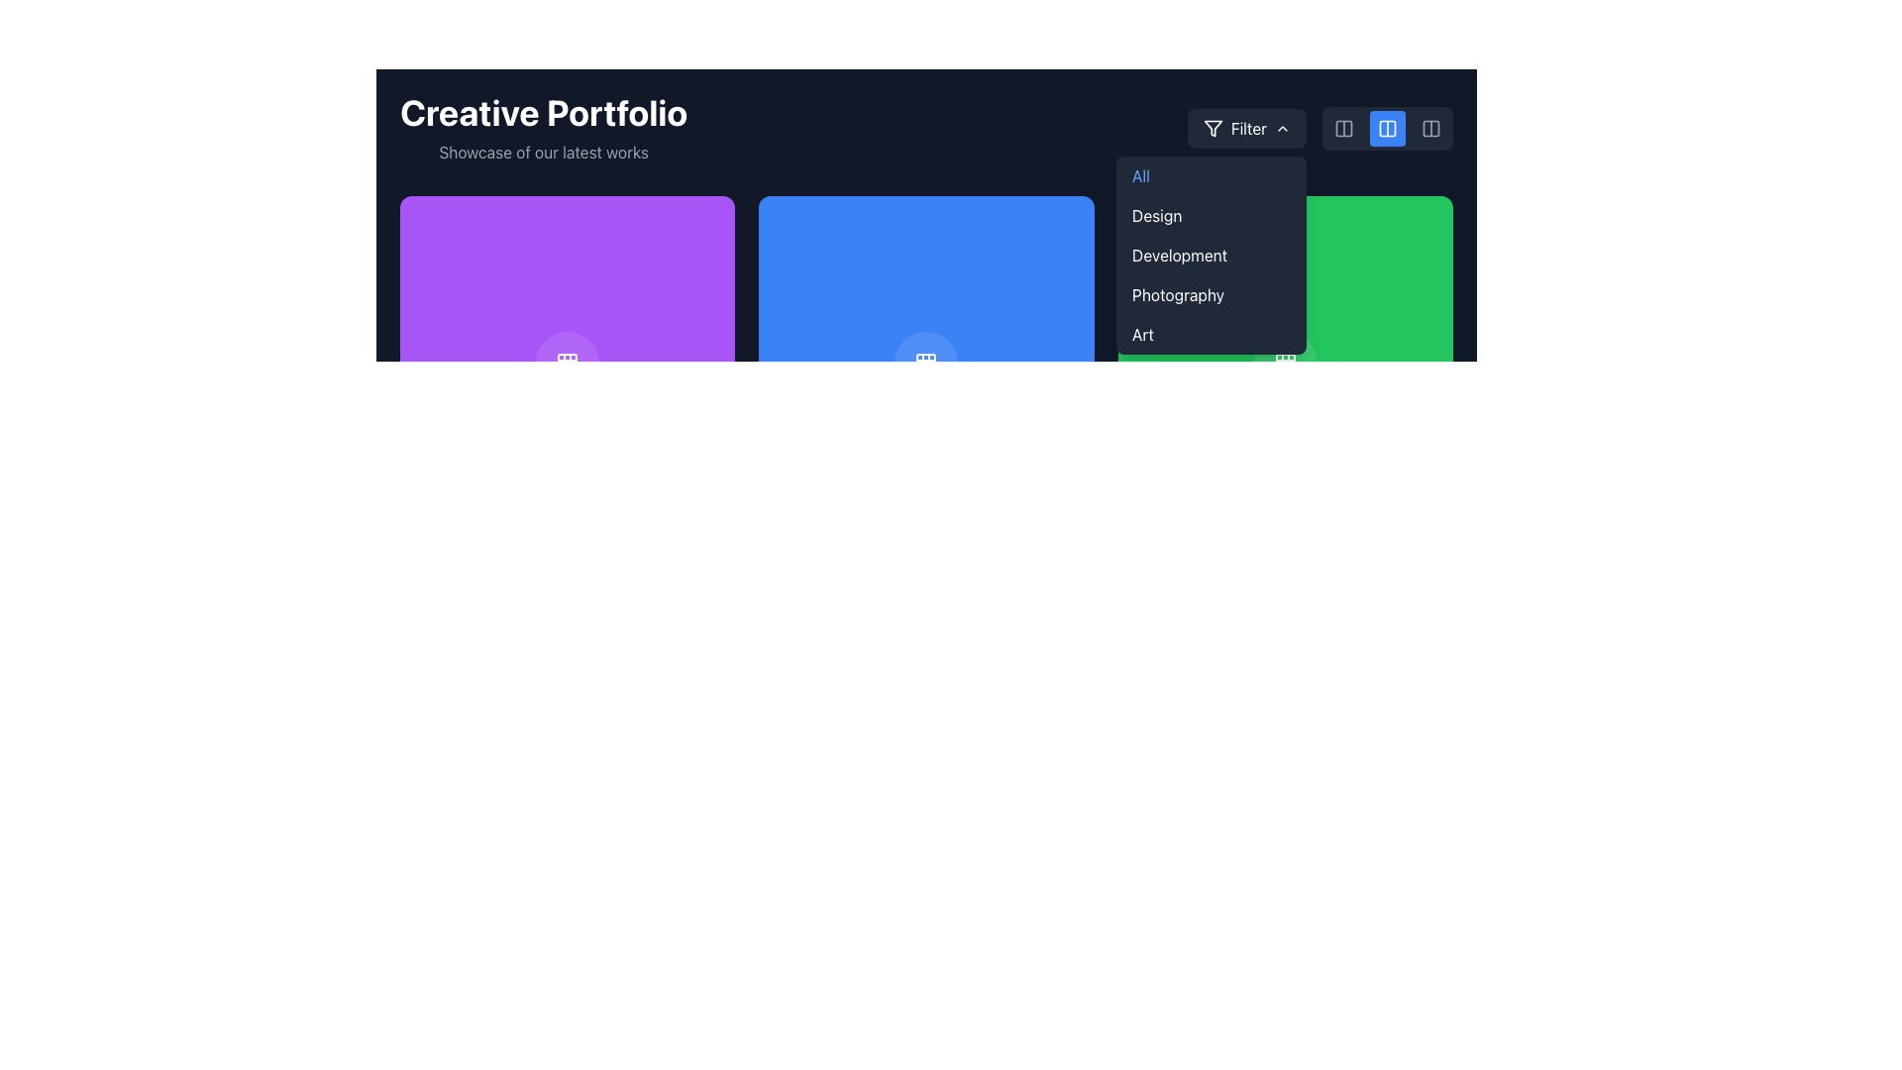 This screenshot has height=1070, width=1902. I want to click on the Dropdown Toggle Button located at the top-right corner of the navigation bar, so click(1245, 129).